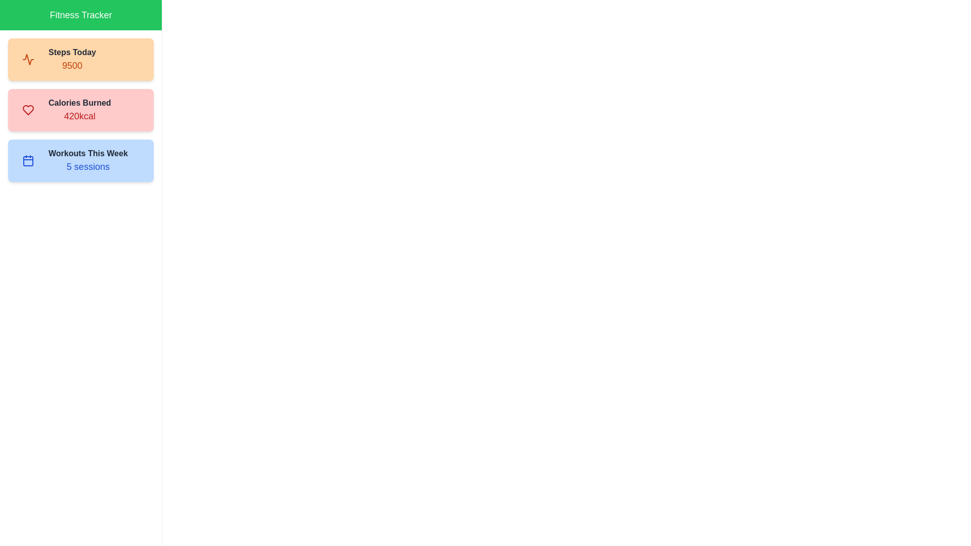  I want to click on the stat Workouts This Week to observe its hover effect, so click(80, 160).